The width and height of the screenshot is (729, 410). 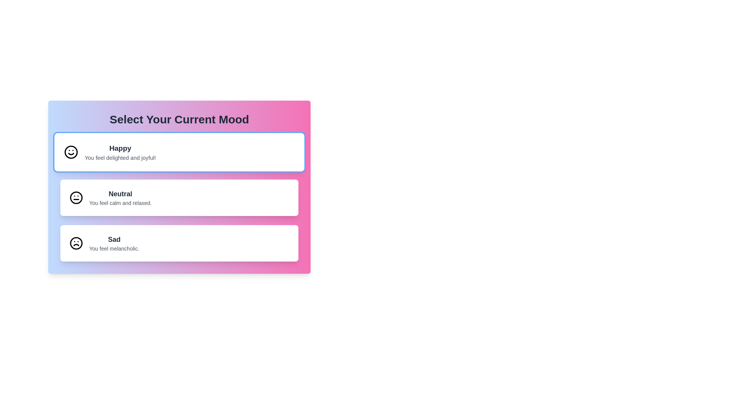 I want to click on the 'Sad' mood text description group located in the third block of options, which is centered horizontally and positioned towards the bottom, so click(x=114, y=243).